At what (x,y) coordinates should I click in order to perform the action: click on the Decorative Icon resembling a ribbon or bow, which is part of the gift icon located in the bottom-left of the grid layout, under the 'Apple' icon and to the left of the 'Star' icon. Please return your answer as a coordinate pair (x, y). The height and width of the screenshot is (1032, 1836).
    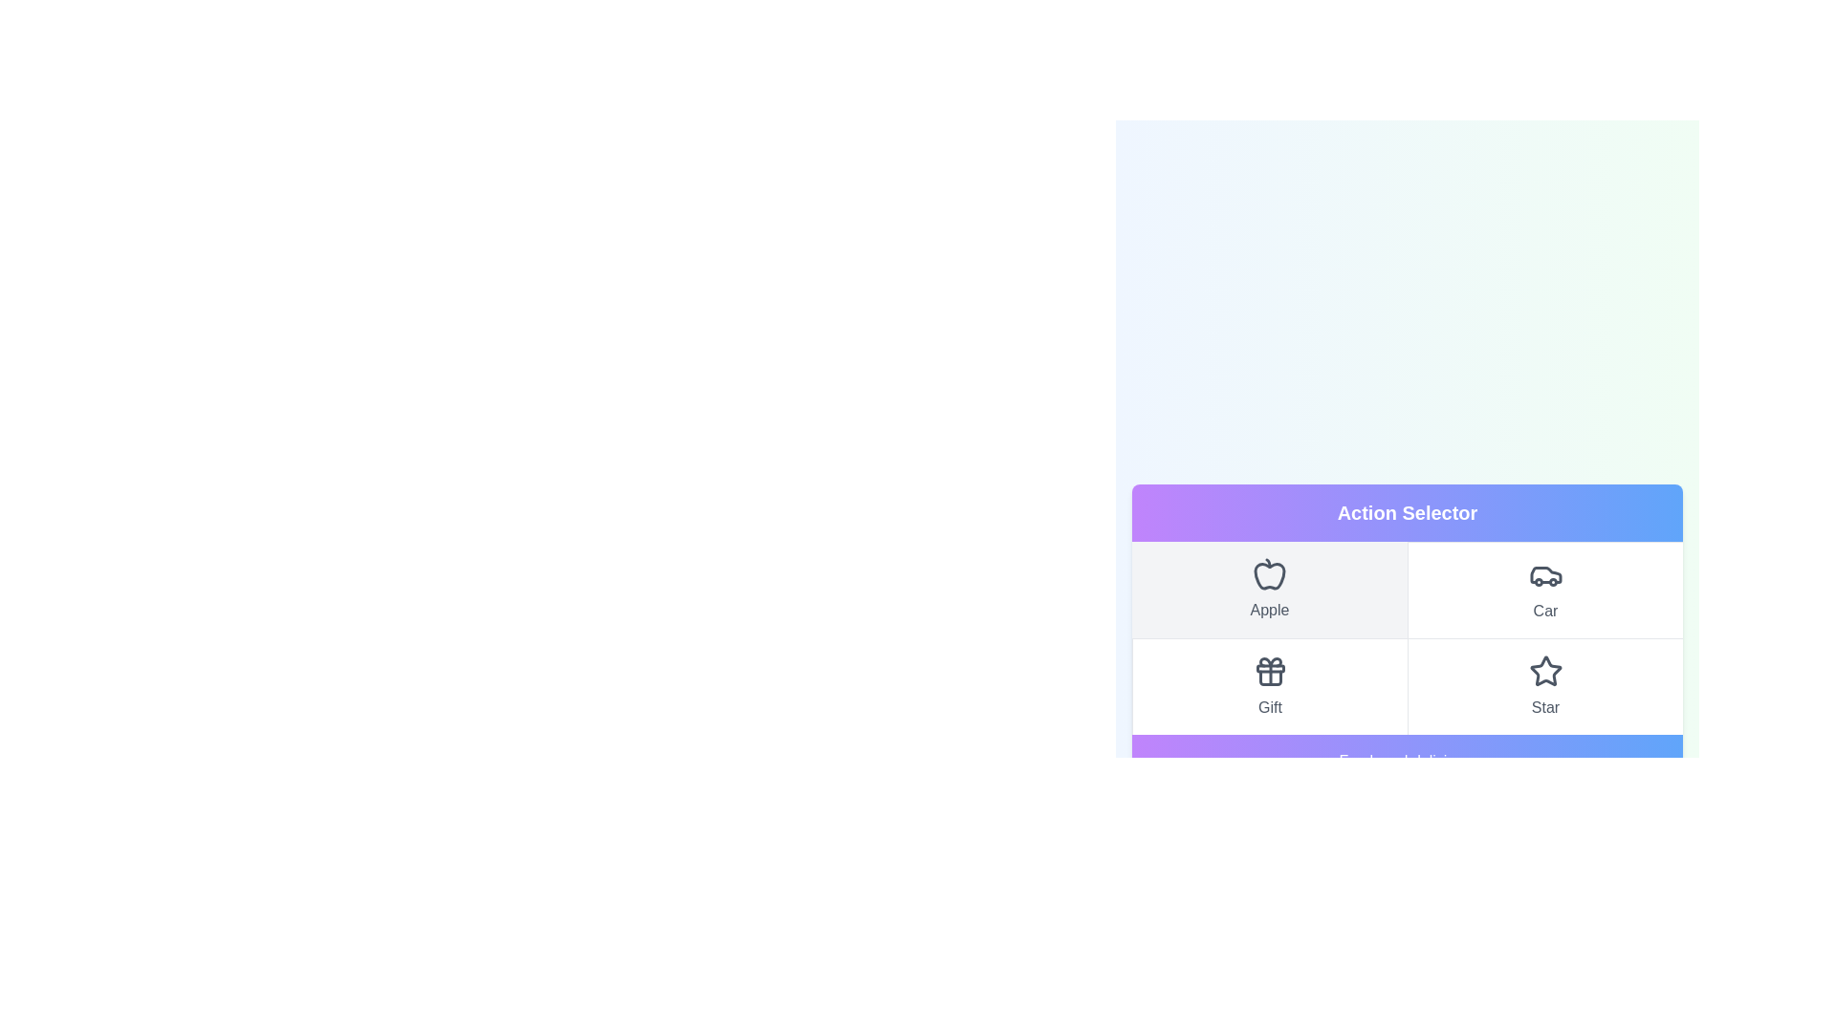
    Looking at the image, I should click on (1270, 661).